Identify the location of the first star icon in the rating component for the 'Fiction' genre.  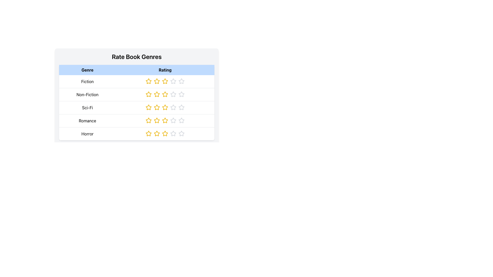
(148, 81).